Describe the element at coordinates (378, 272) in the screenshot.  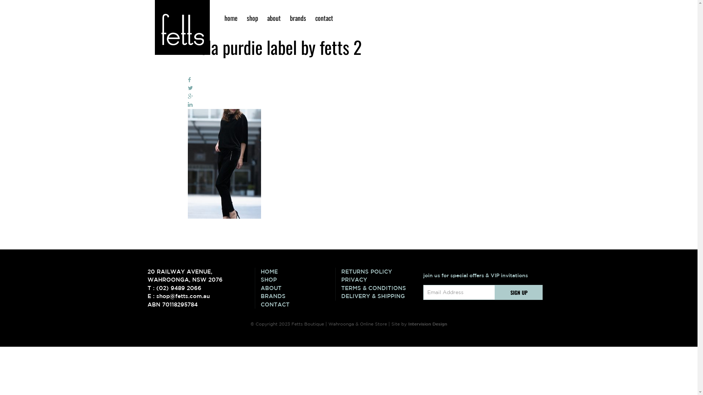
I see `'RETURNS POLICY'` at that location.